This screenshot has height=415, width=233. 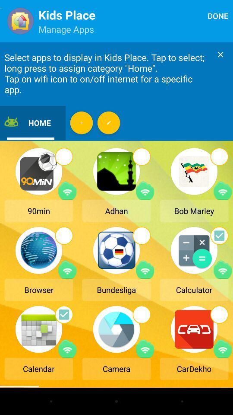 I want to click on the close icon, so click(x=220, y=54).